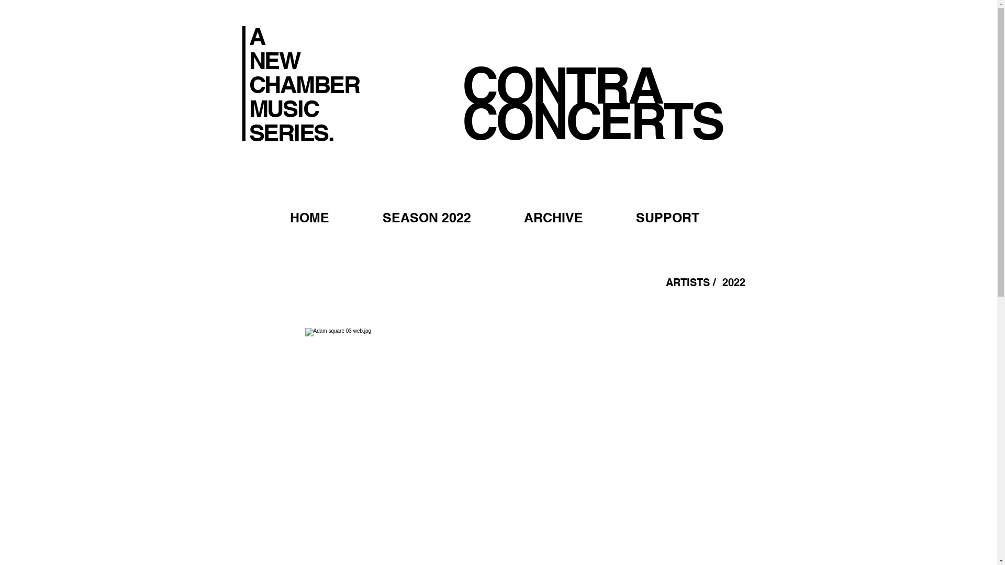  I want to click on 'HOME', so click(263, 217).